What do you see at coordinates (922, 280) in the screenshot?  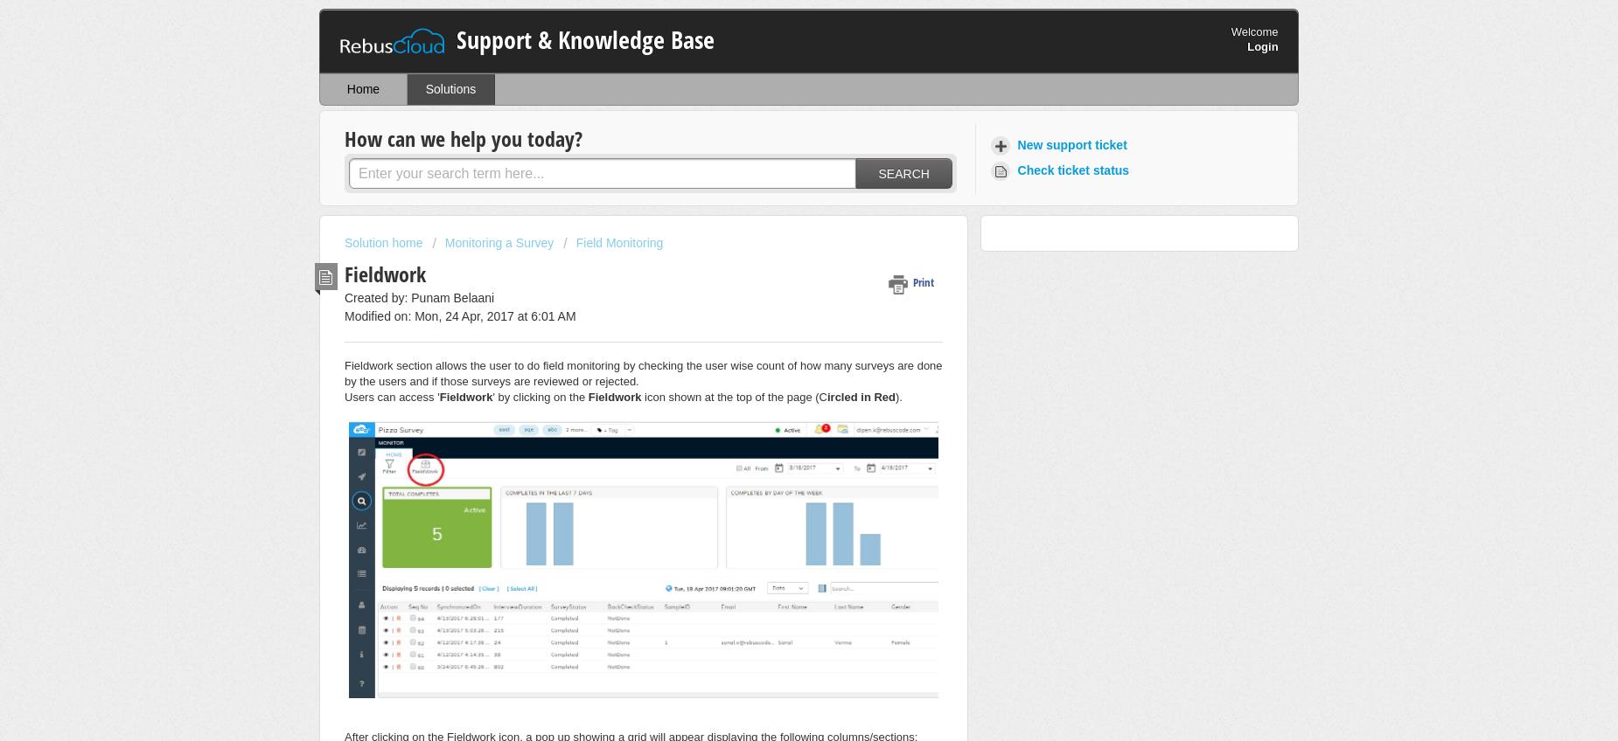 I see `'Print'` at bounding box center [922, 280].